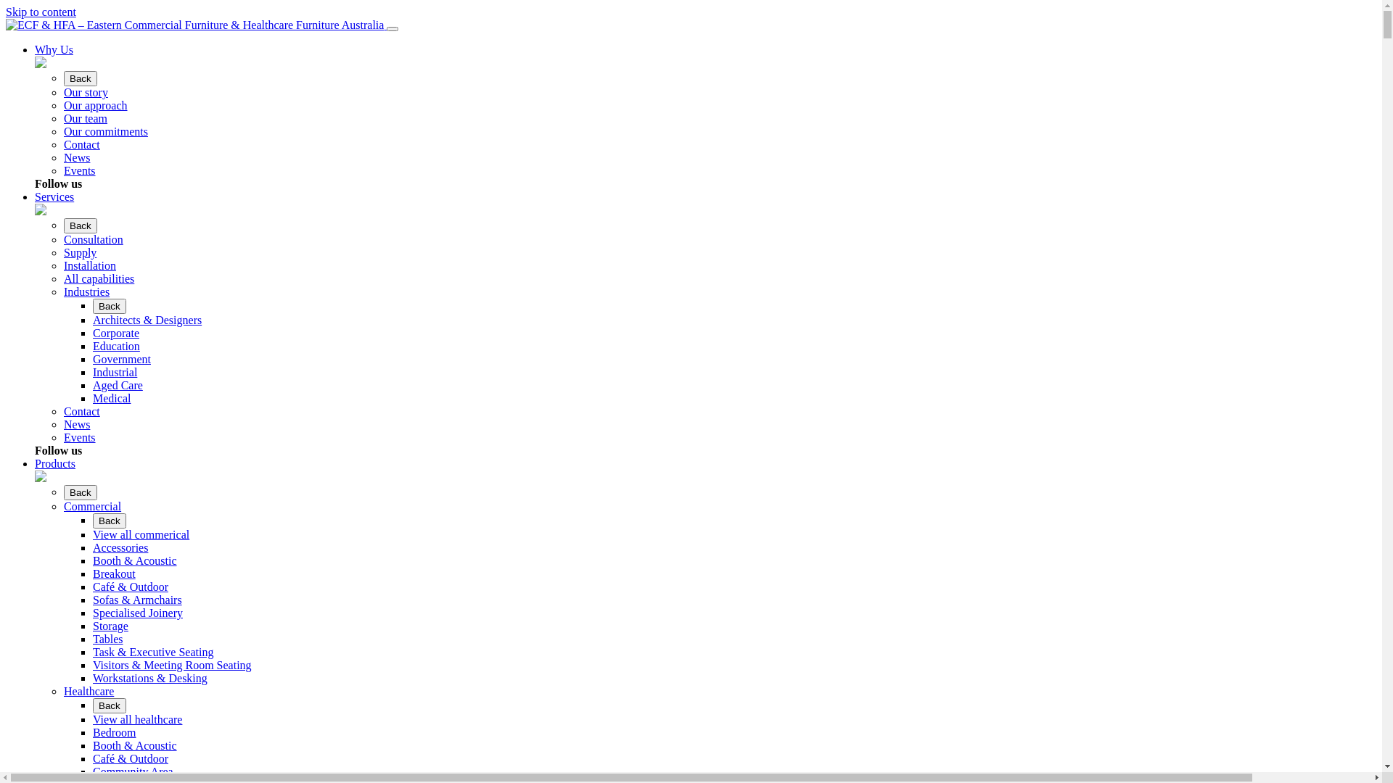  What do you see at coordinates (92, 719) in the screenshot?
I see `'View all healthcare'` at bounding box center [92, 719].